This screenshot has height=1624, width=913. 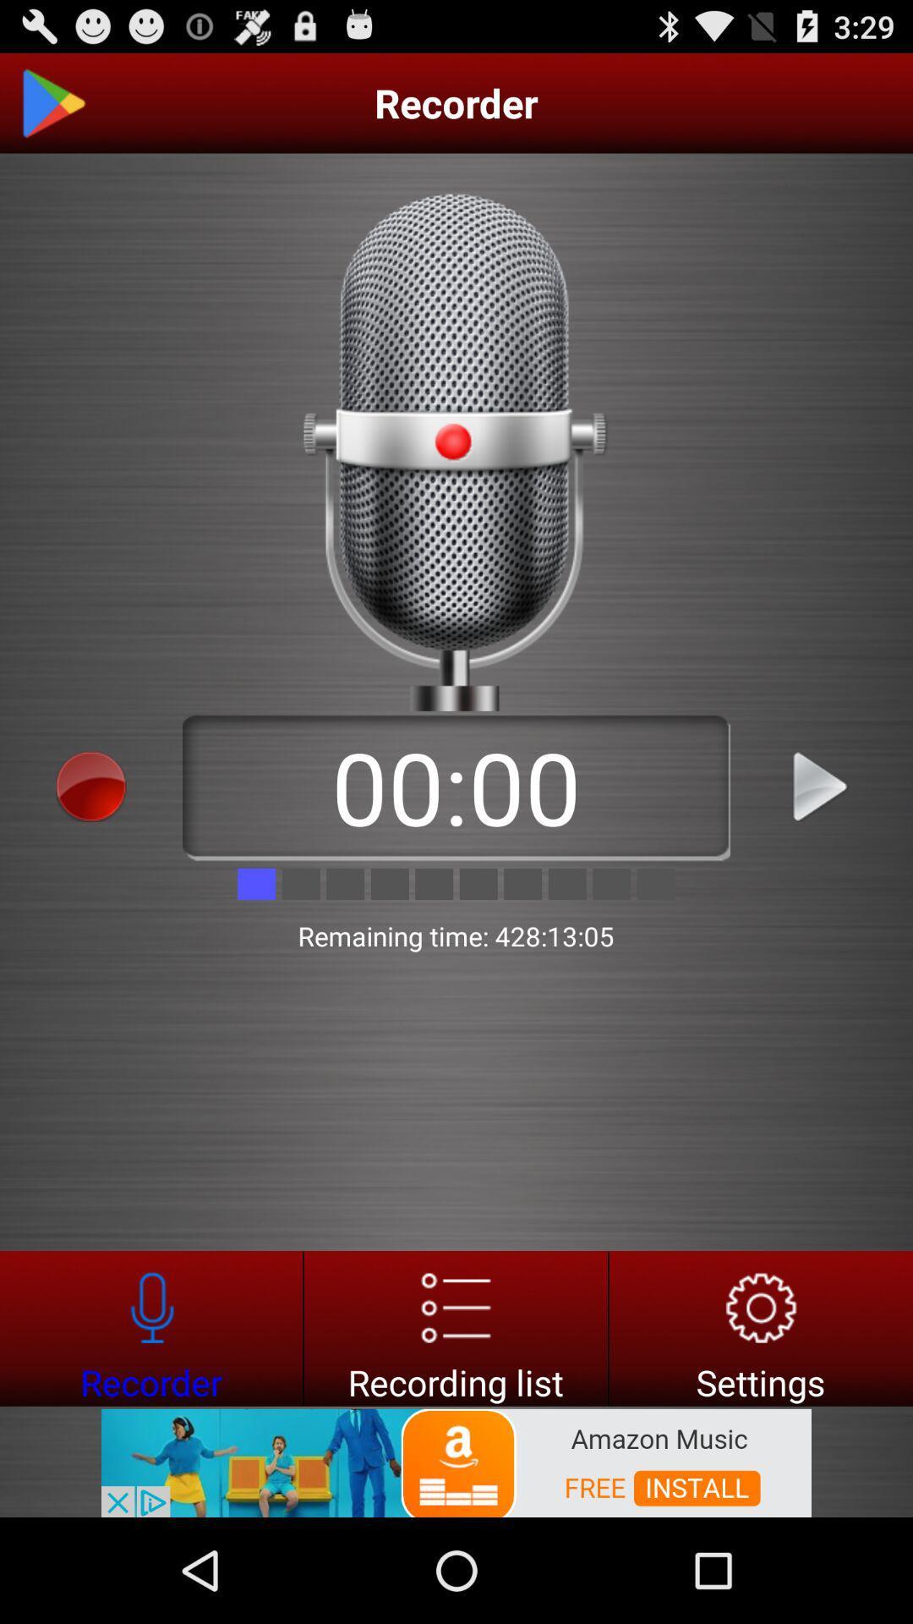 What do you see at coordinates (150, 1327) in the screenshot?
I see `recorder` at bounding box center [150, 1327].